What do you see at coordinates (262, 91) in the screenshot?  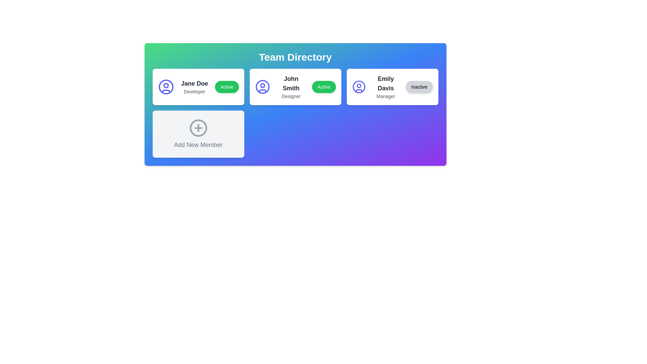 I see `the decorative user profile icon located in the profile card of 'John Smith', the Designer` at bounding box center [262, 91].